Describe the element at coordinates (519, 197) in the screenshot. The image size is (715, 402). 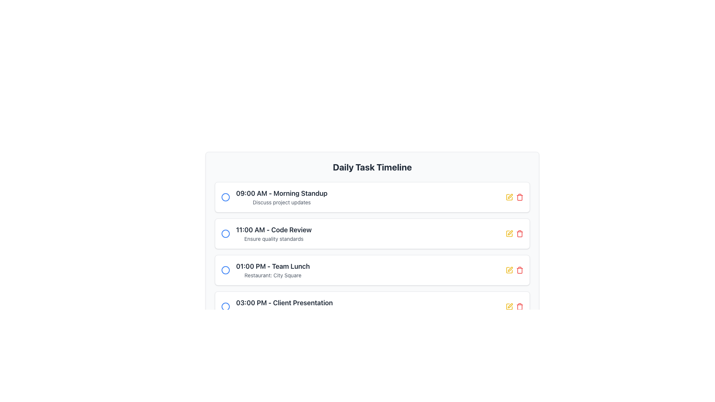
I see `the red trash can icon located as the second icon in the action buttons next to the second item in the Daily Task Timeline` at that location.